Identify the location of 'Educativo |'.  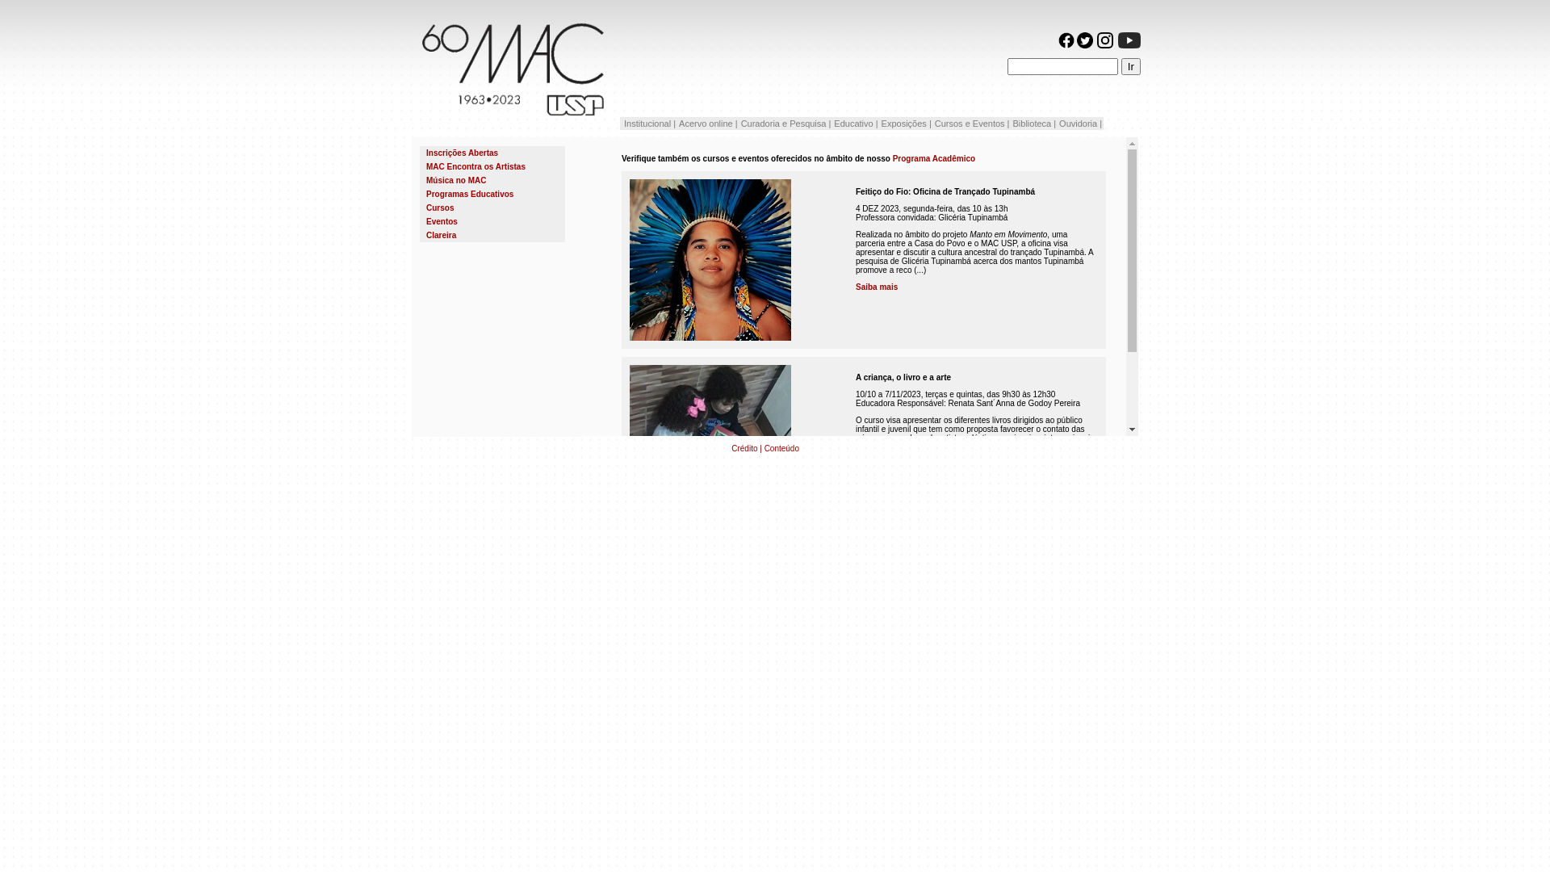
(855, 123).